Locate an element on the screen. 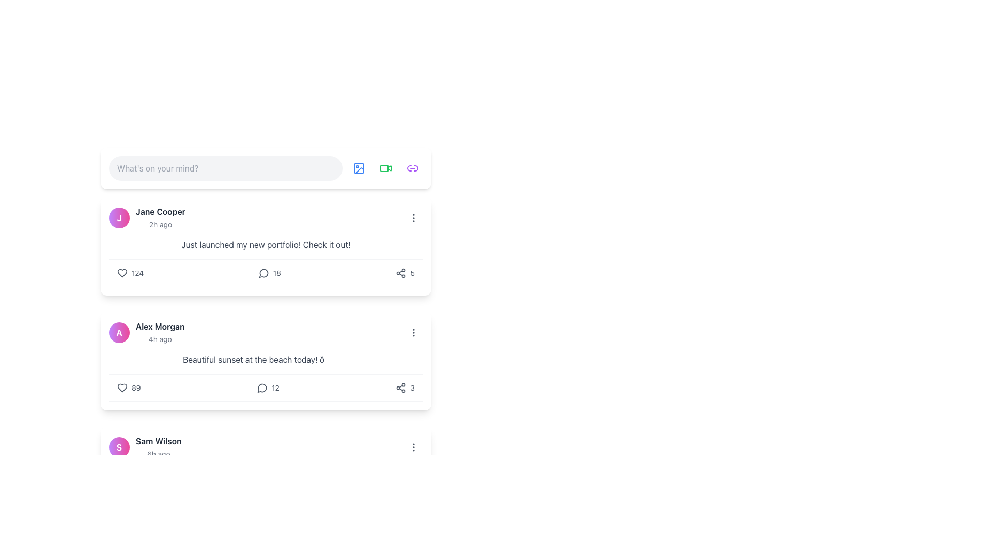 This screenshot has width=992, height=558. the Avatar representing the user 'Alex Morgan', which is the leftmost component in the second post card of the feed section, adjacent to the username and timestamp is located at coordinates (119, 333).